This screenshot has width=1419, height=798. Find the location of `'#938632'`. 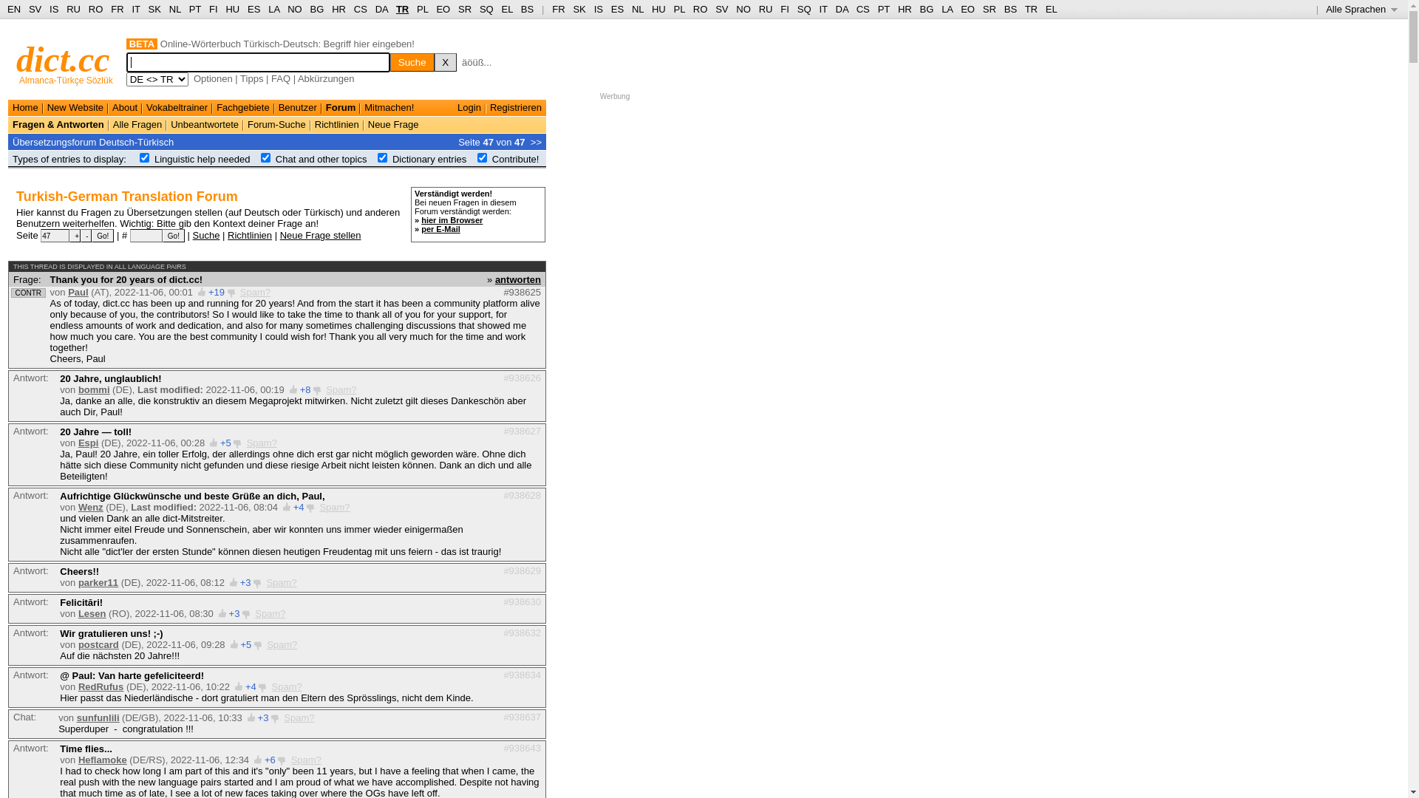

'#938632' is located at coordinates (522, 632).